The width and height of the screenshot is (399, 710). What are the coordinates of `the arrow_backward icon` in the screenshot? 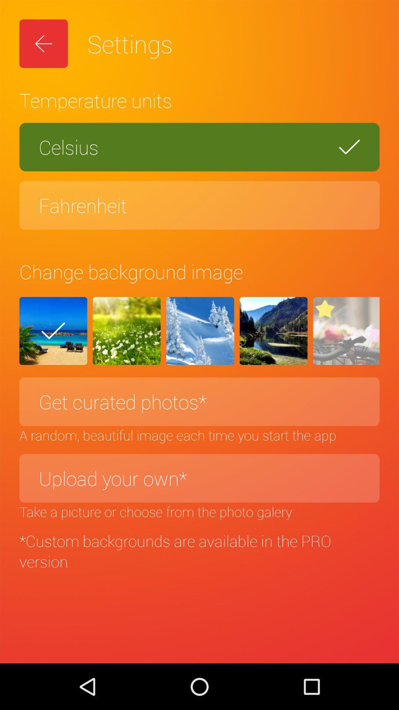 It's located at (44, 43).